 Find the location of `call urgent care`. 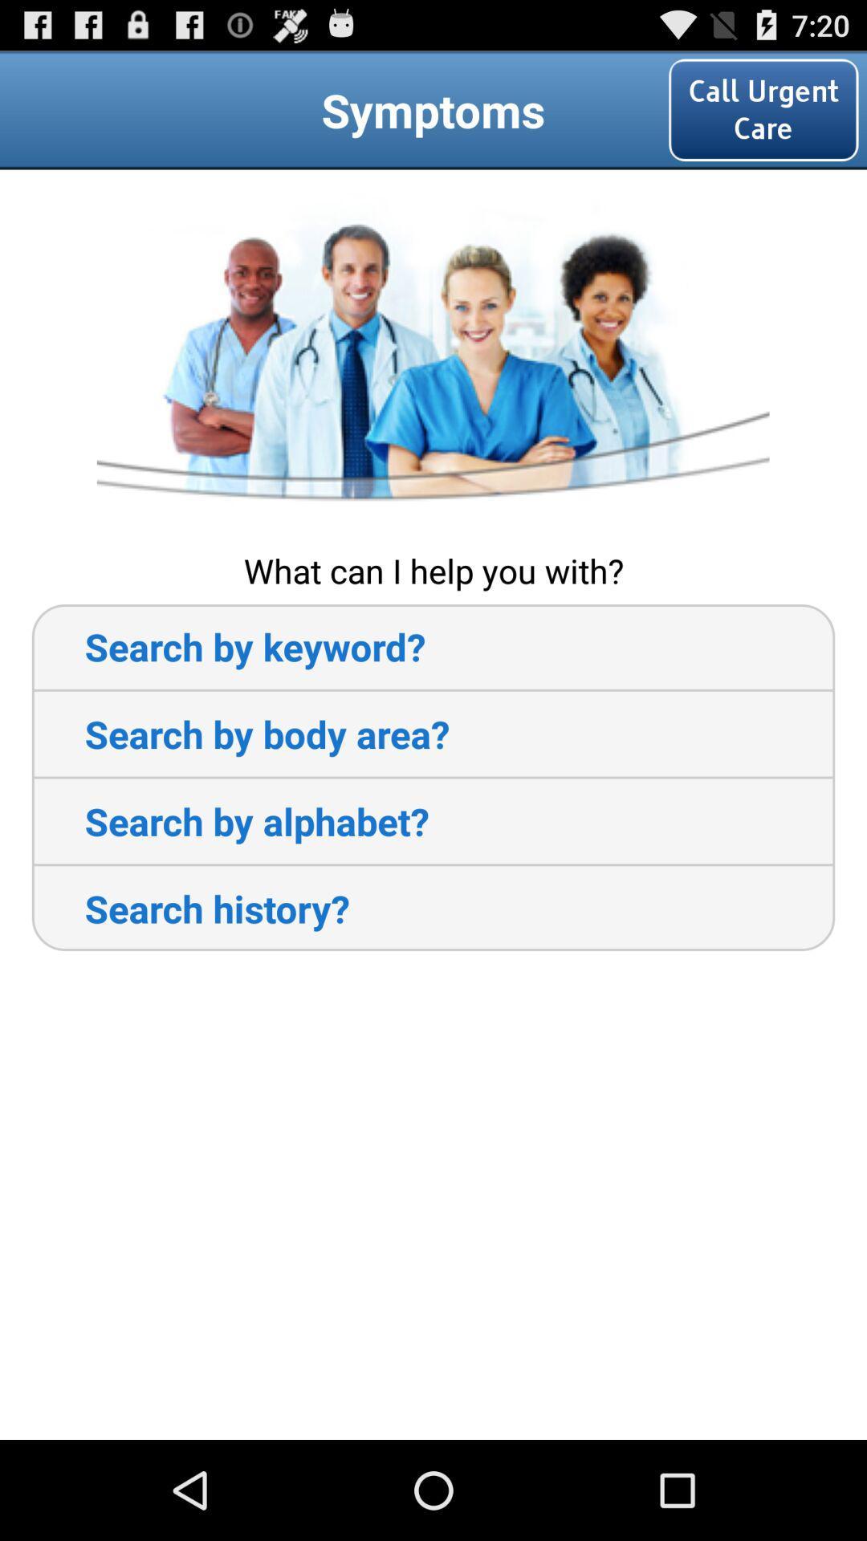

call urgent care is located at coordinates (763, 109).